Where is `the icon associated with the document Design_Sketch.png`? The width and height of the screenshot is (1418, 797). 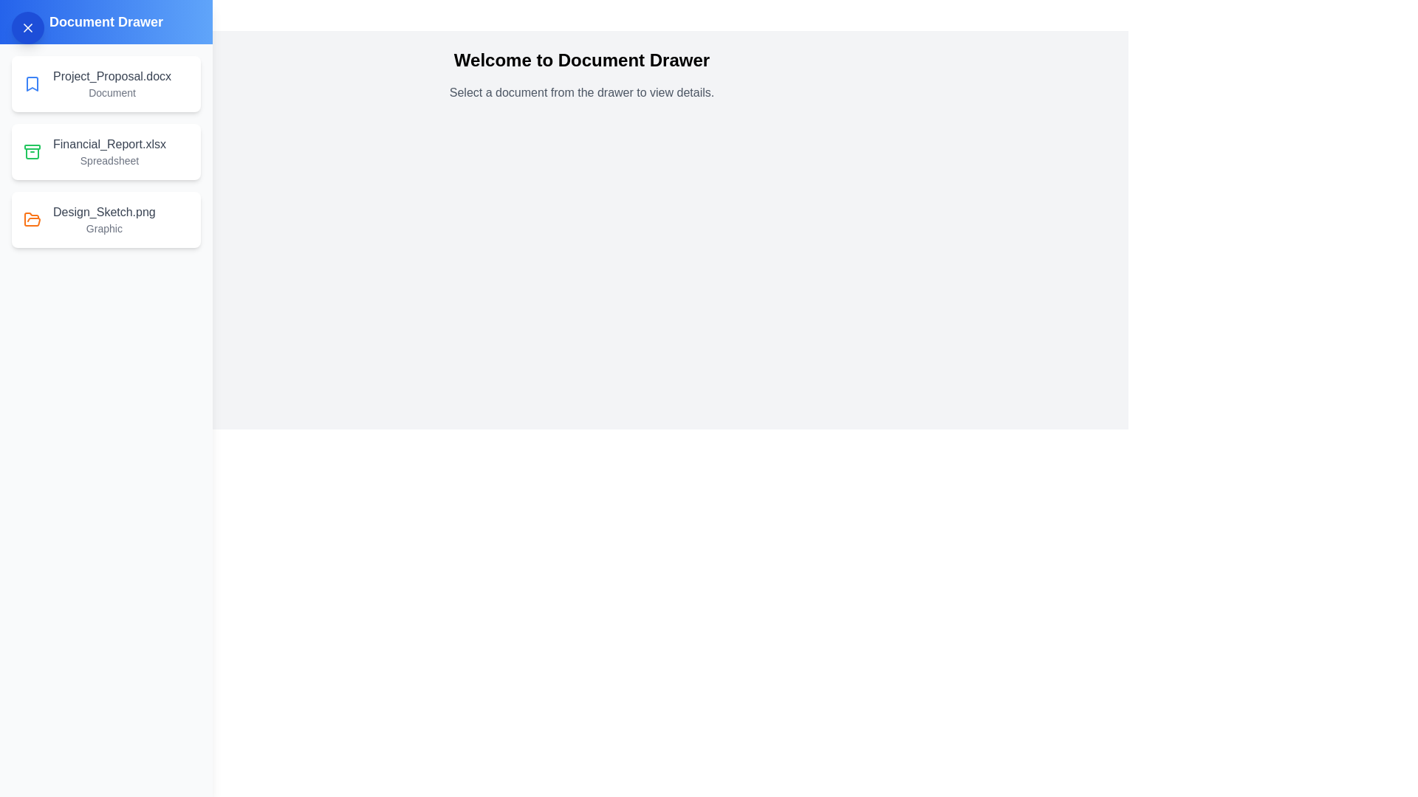 the icon associated with the document Design_Sketch.png is located at coordinates (32, 219).